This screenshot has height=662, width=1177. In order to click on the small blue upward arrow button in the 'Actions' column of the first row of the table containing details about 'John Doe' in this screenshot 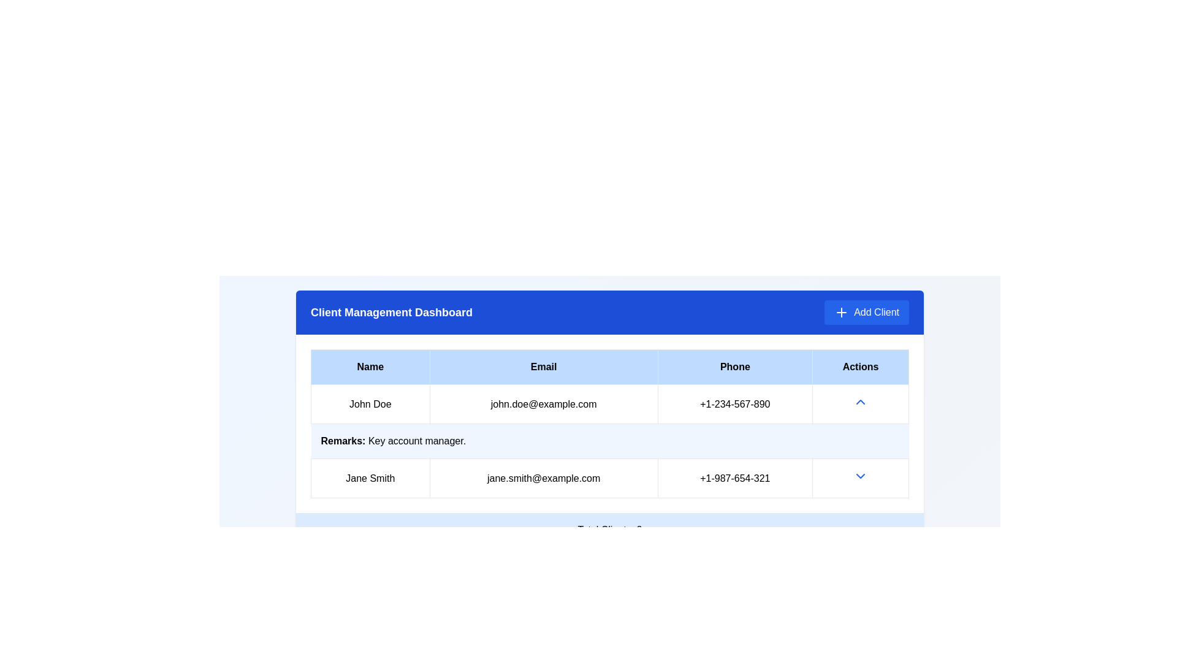, I will do `click(859, 404)`.